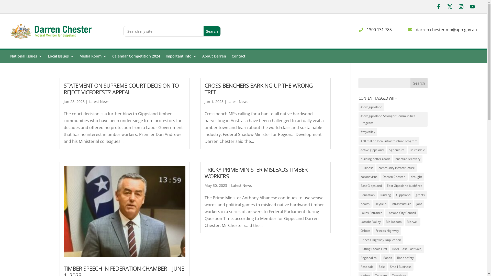 The height and width of the screenshot is (276, 491). Describe the element at coordinates (26, 57) in the screenshot. I see `'National Issues'` at that location.